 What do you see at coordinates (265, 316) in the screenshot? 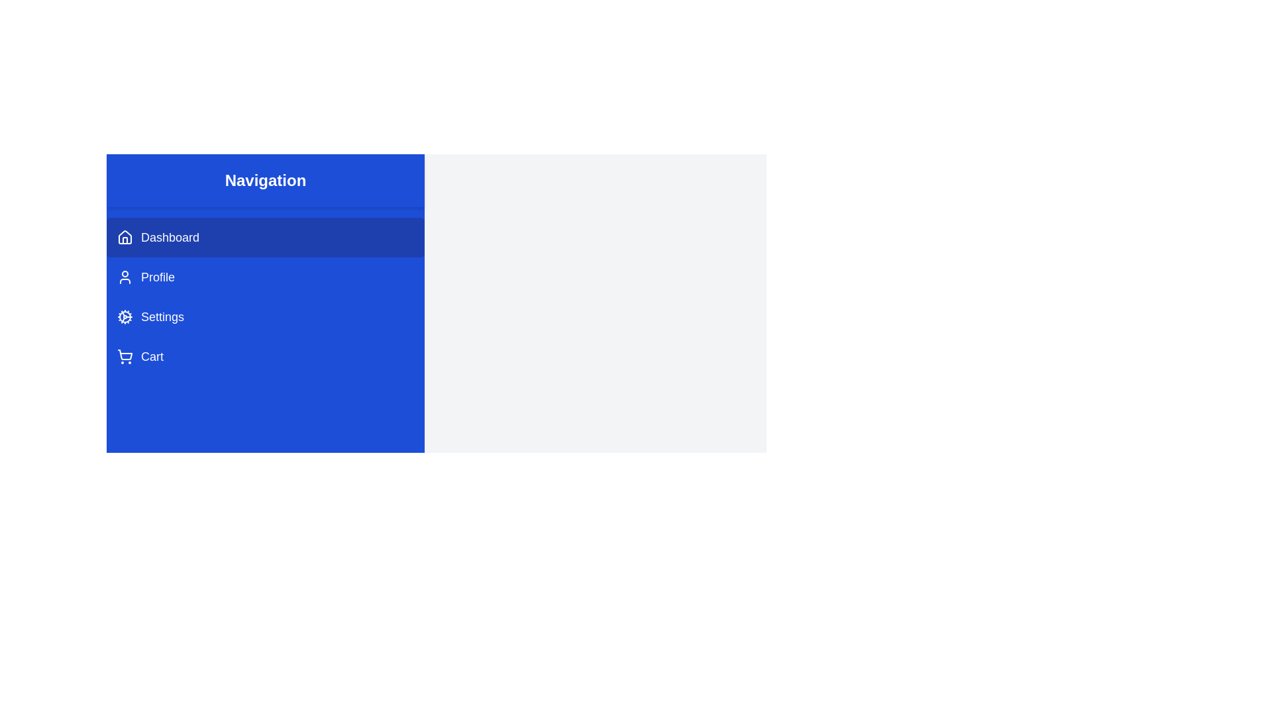
I see `the third button in the vertical navigation panel on the left side of the interface` at bounding box center [265, 316].